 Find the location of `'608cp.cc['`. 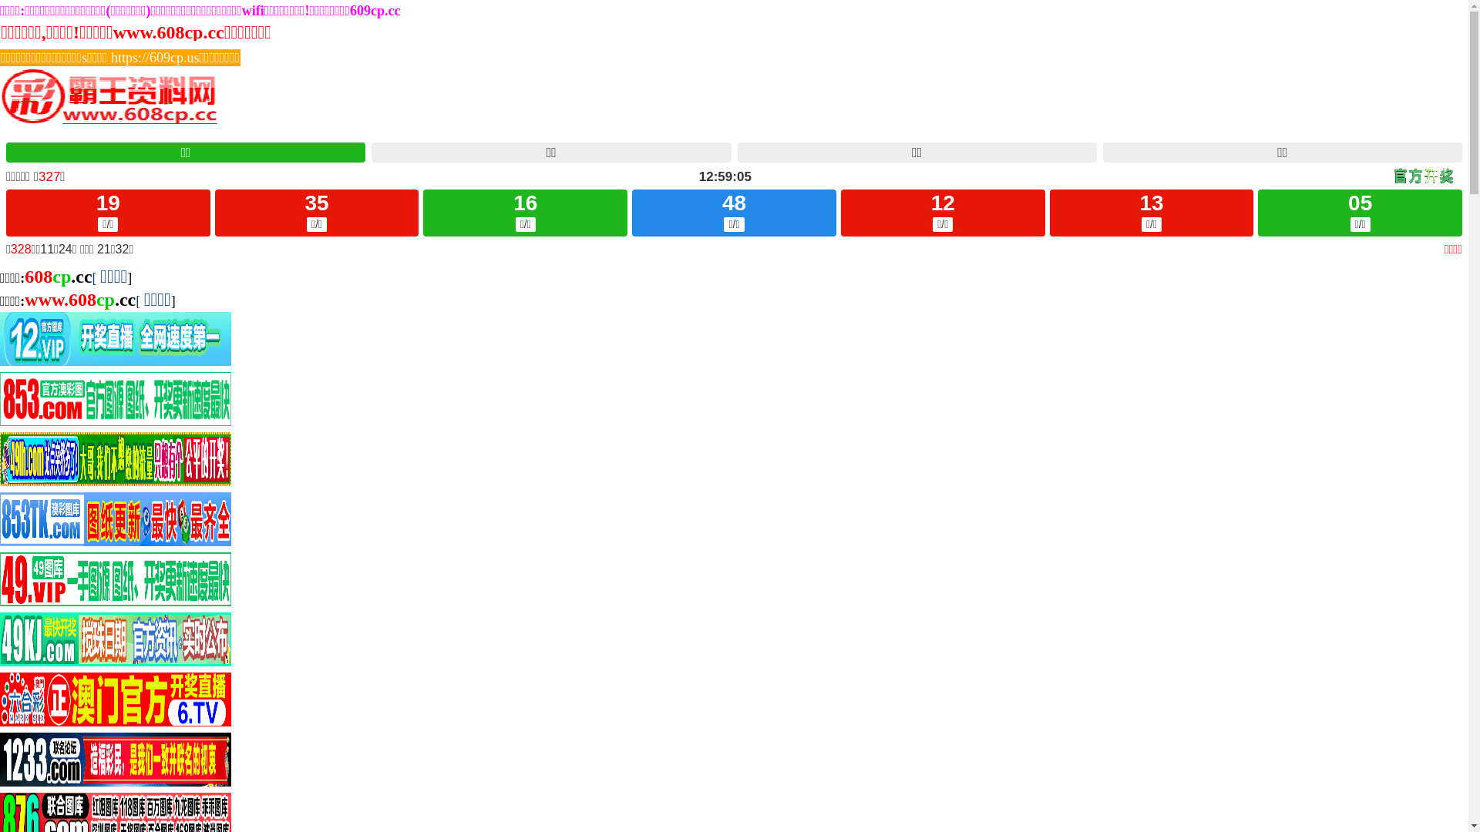

'608cp.cc[' is located at coordinates (60, 278).